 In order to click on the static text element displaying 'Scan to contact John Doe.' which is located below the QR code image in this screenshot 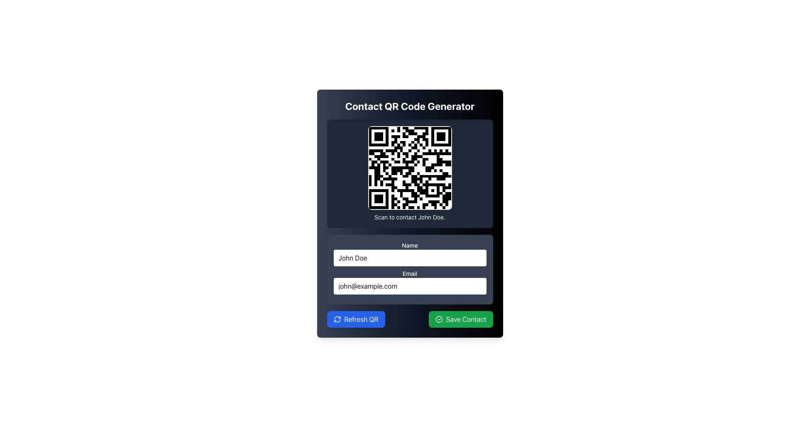, I will do `click(410, 217)`.